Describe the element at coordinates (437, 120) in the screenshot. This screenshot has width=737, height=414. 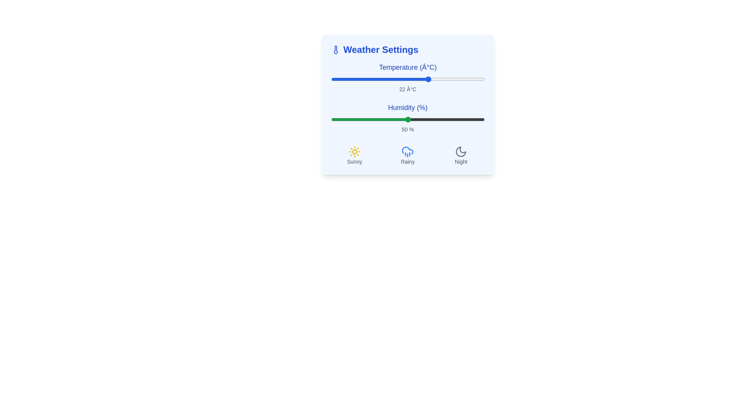
I see `the humidity` at that location.